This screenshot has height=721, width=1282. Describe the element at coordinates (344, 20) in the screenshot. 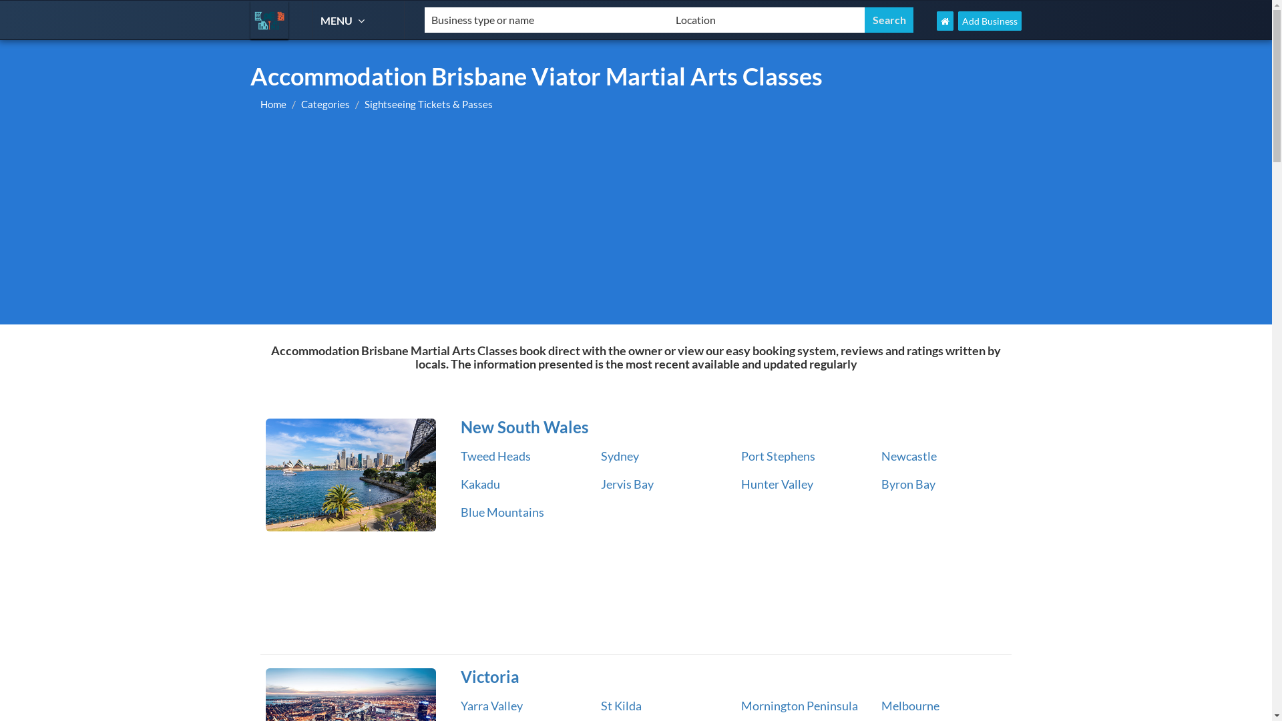

I see `'MENU'` at that location.